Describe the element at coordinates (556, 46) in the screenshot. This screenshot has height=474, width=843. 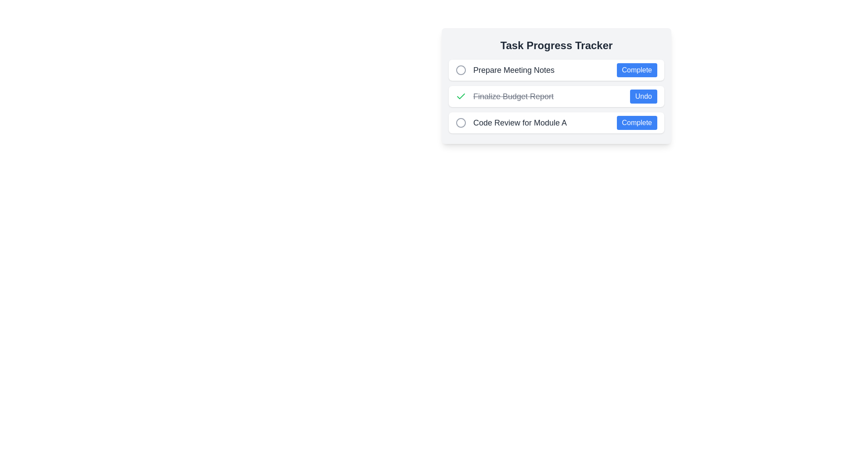
I see `the static text heading that serves as the title for the task tracker section, positioned at the top of the task-related content` at that location.